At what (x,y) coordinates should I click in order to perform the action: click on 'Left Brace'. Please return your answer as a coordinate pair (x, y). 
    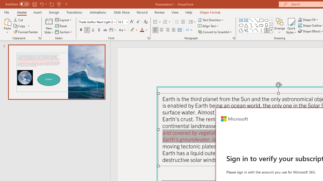
    Looking at the image, I should click on (261, 30).